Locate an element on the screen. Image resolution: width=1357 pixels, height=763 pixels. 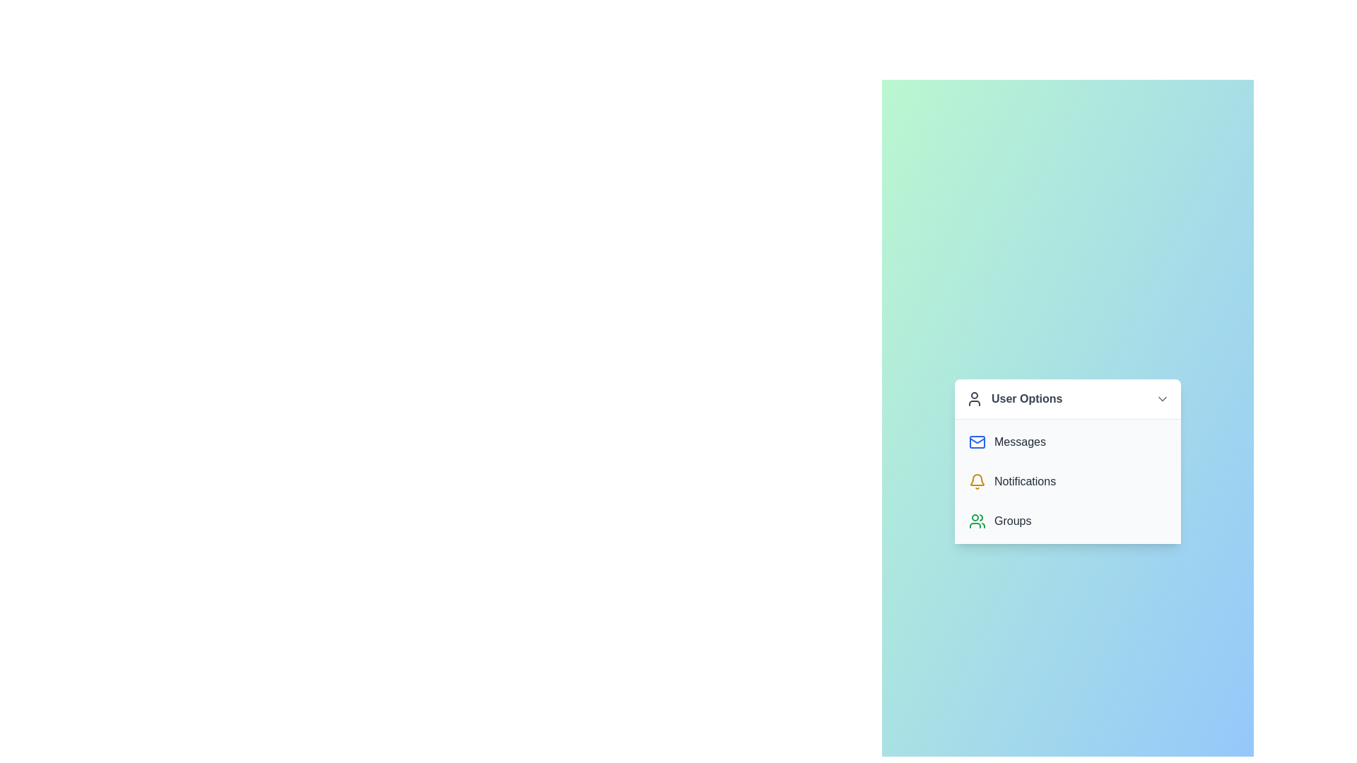
the 'User Options' text label with a user icon is located at coordinates (1014, 398).